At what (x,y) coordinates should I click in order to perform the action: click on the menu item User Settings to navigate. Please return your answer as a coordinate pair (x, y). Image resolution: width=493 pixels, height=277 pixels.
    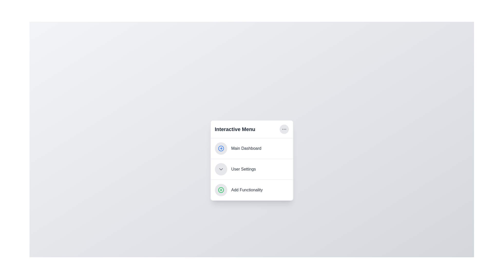
    Looking at the image, I should click on (252, 169).